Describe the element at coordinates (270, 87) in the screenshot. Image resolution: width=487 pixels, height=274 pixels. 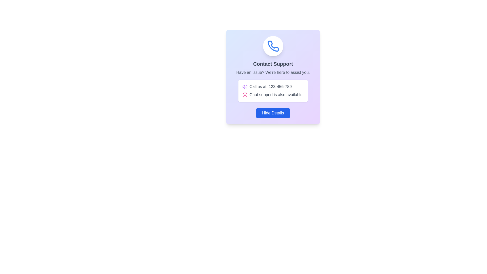
I see `the contact phone number located in the 'Contact Support' section, which is positioned below the header and icon, and to the right of a loudspeaker icon` at that location.